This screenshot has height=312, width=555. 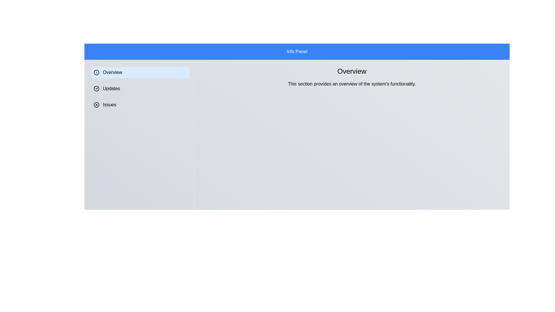 What do you see at coordinates (97, 89) in the screenshot?
I see `the icon for the Updates section` at bounding box center [97, 89].